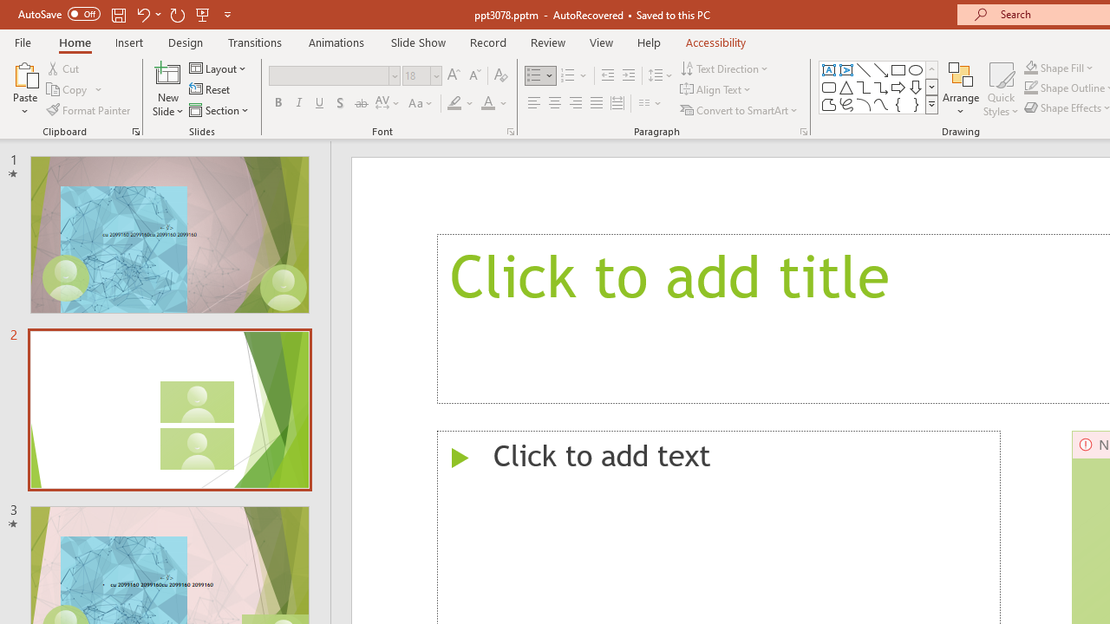 The height and width of the screenshot is (624, 1110). Describe the element at coordinates (898, 104) in the screenshot. I see `'Left Brace'` at that location.